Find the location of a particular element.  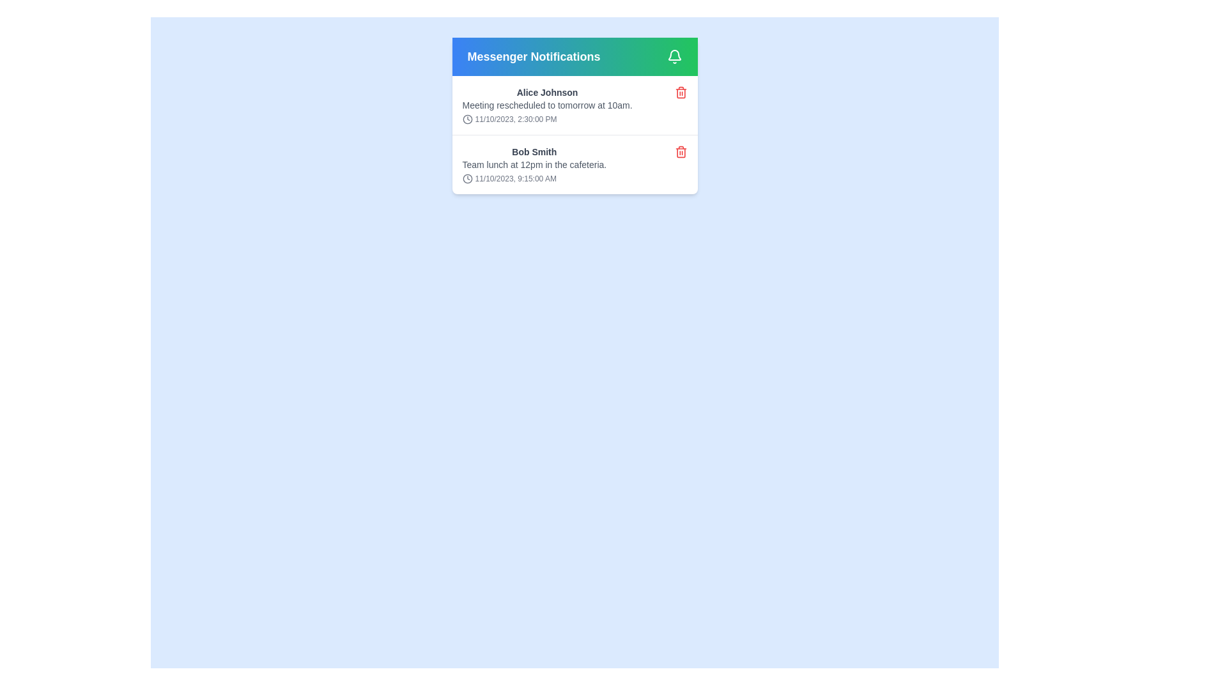

the first notification entry in the notification panel is located at coordinates (574, 116).